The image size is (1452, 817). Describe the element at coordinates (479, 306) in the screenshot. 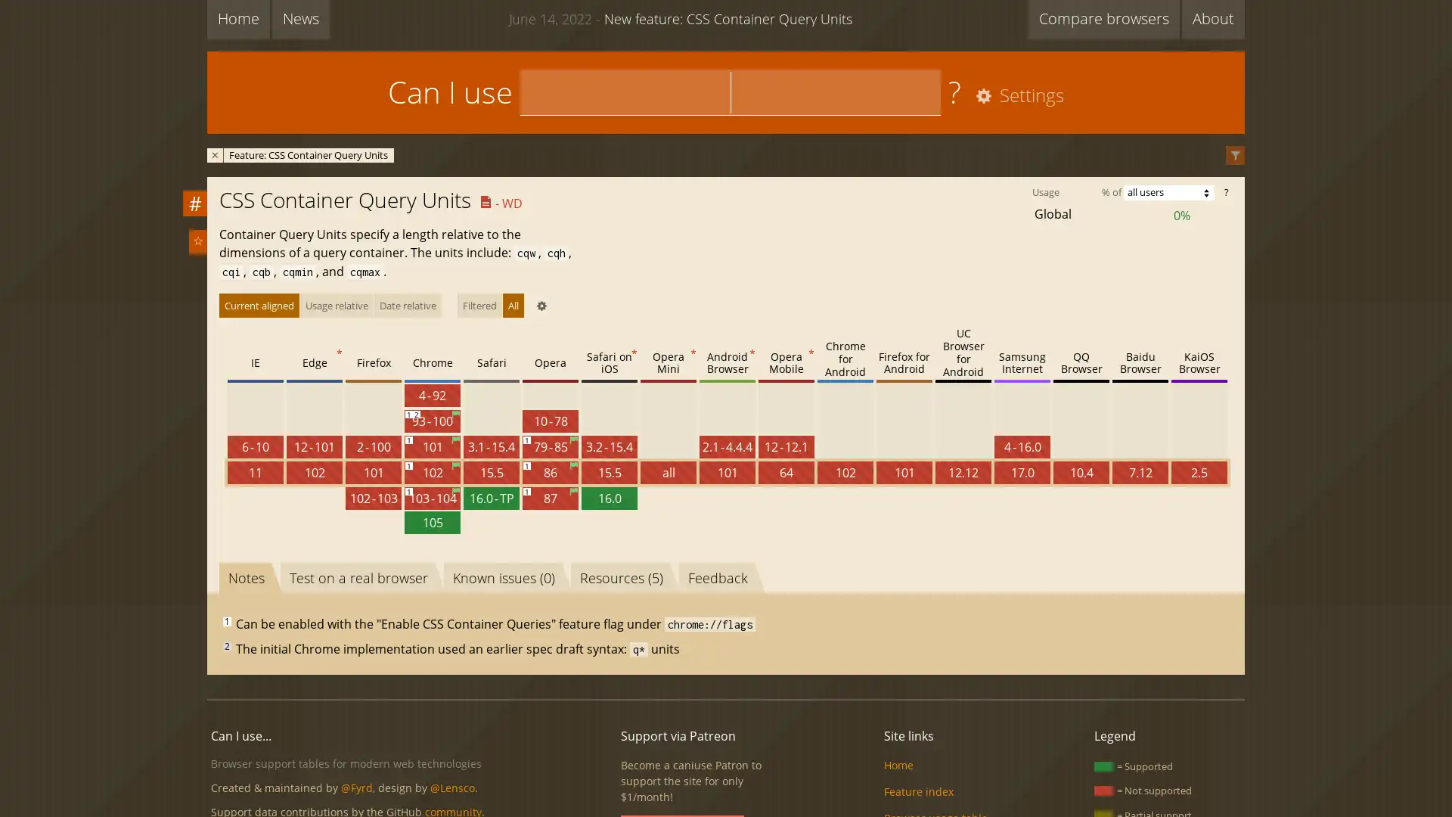

I see `Filtered` at that location.